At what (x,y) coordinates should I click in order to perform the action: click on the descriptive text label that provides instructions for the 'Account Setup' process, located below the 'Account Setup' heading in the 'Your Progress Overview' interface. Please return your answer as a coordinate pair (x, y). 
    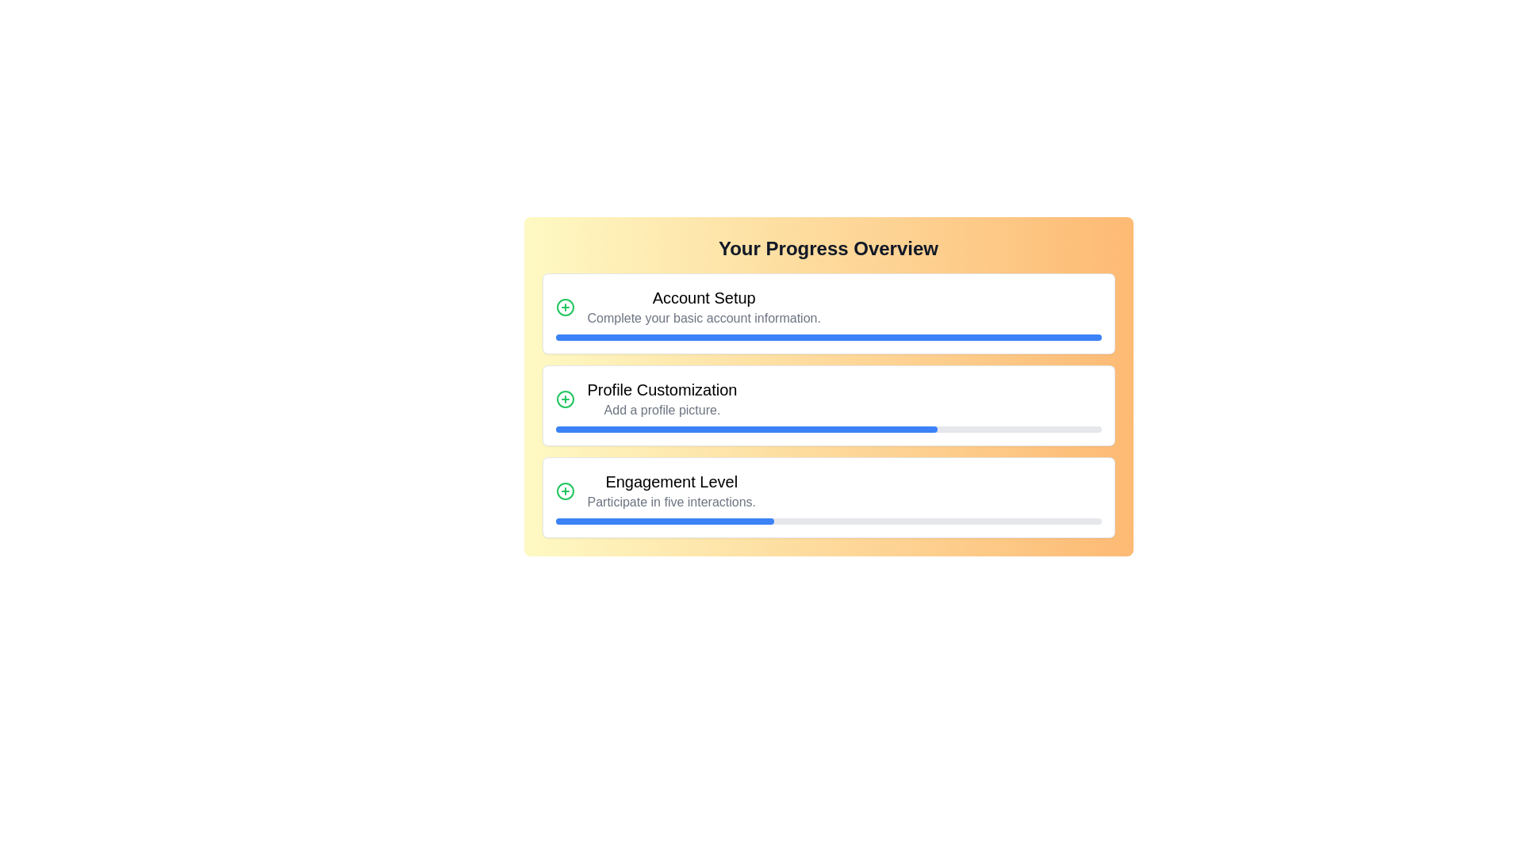
    Looking at the image, I should click on (703, 318).